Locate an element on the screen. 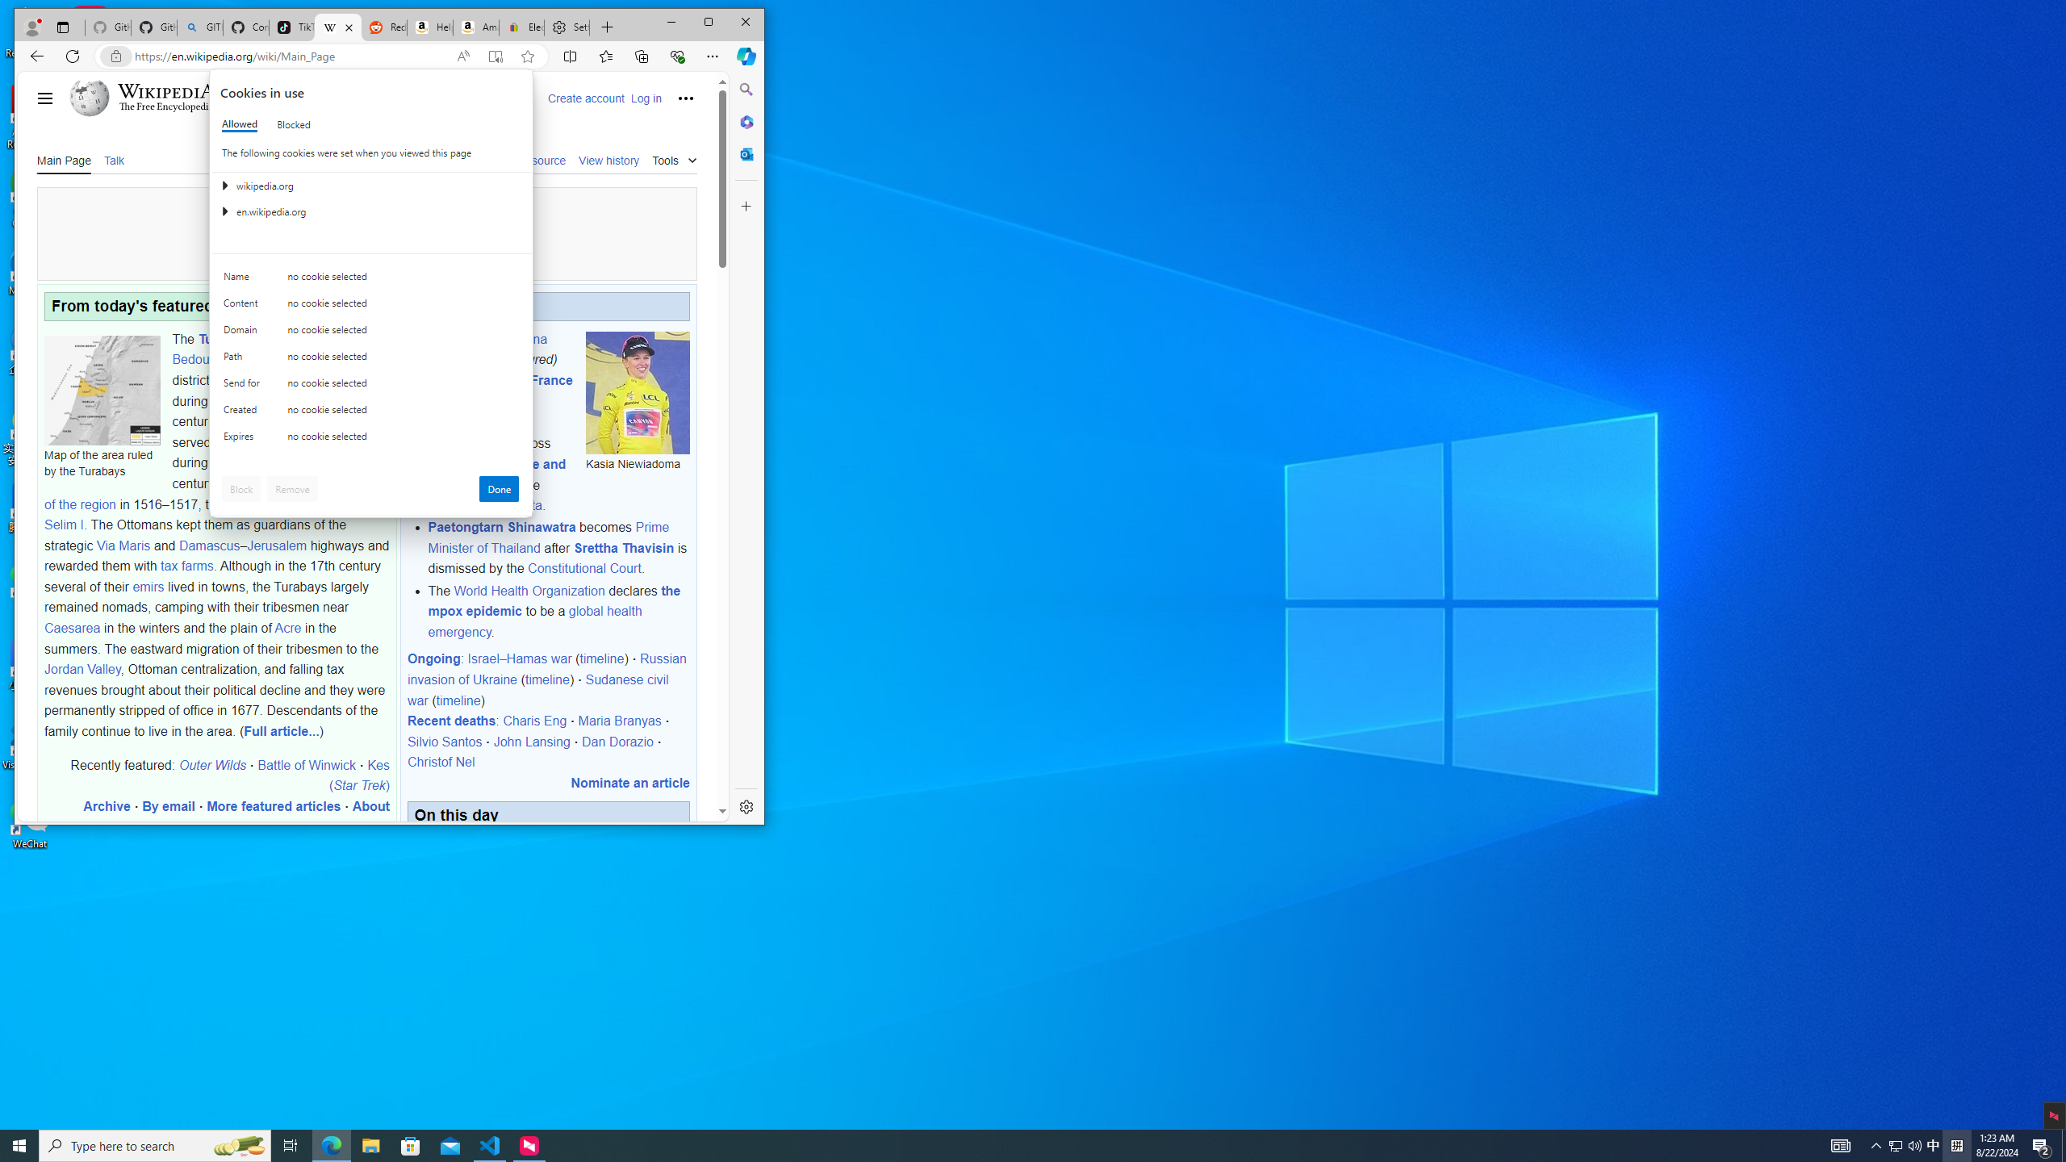 The width and height of the screenshot is (2066, 1162). 'AutomationID: 4105' is located at coordinates (1839, 1144).